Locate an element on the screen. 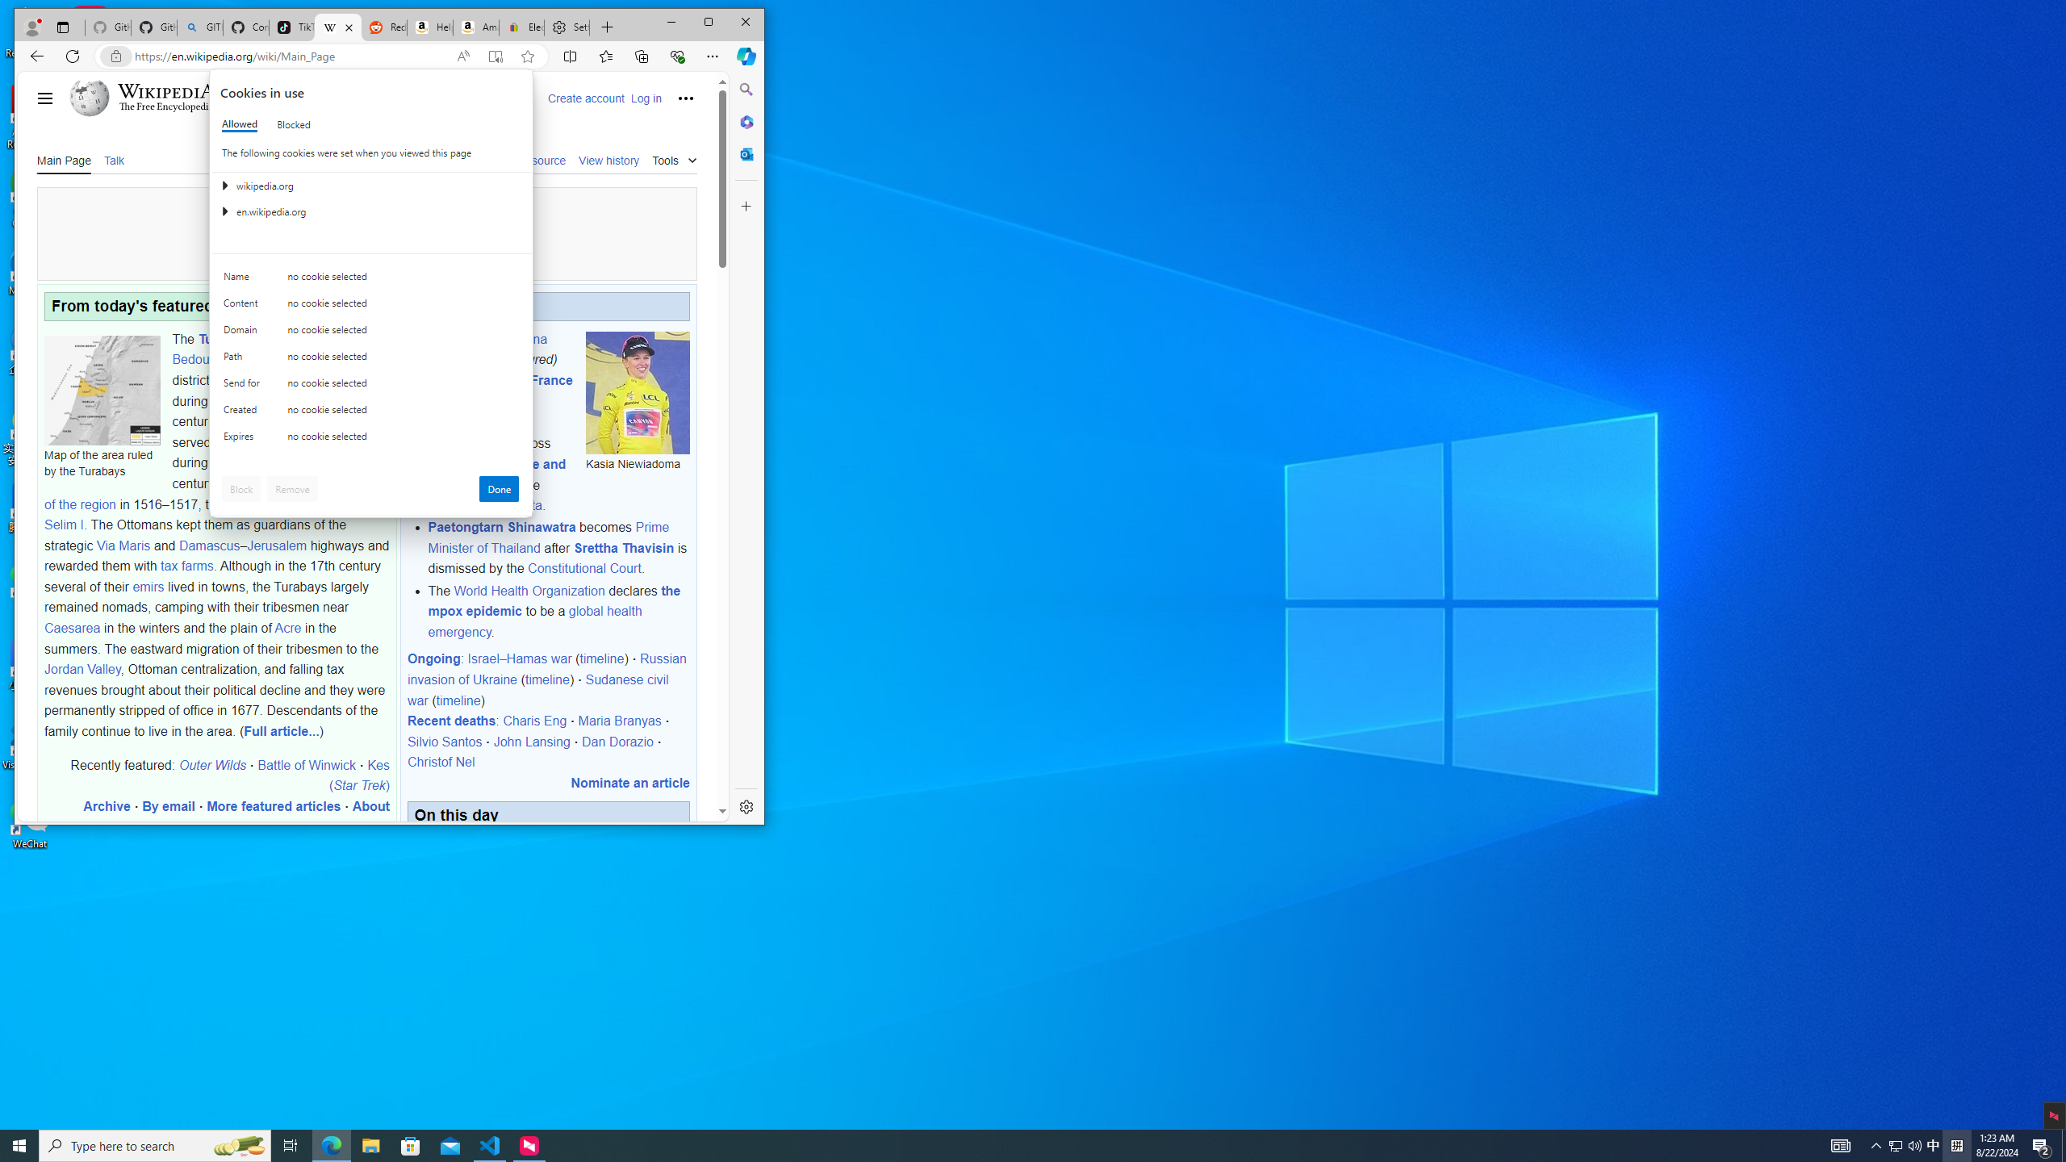 The width and height of the screenshot is (2066, 1162). 'AutomationID: 4105' is located at coordinates (1839, 1144).